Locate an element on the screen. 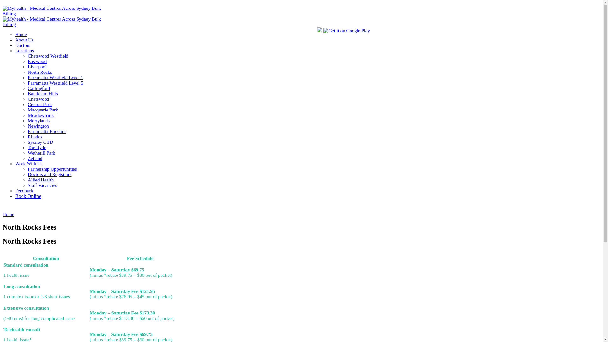  'Zetland' is located at coordinates (35, 158).